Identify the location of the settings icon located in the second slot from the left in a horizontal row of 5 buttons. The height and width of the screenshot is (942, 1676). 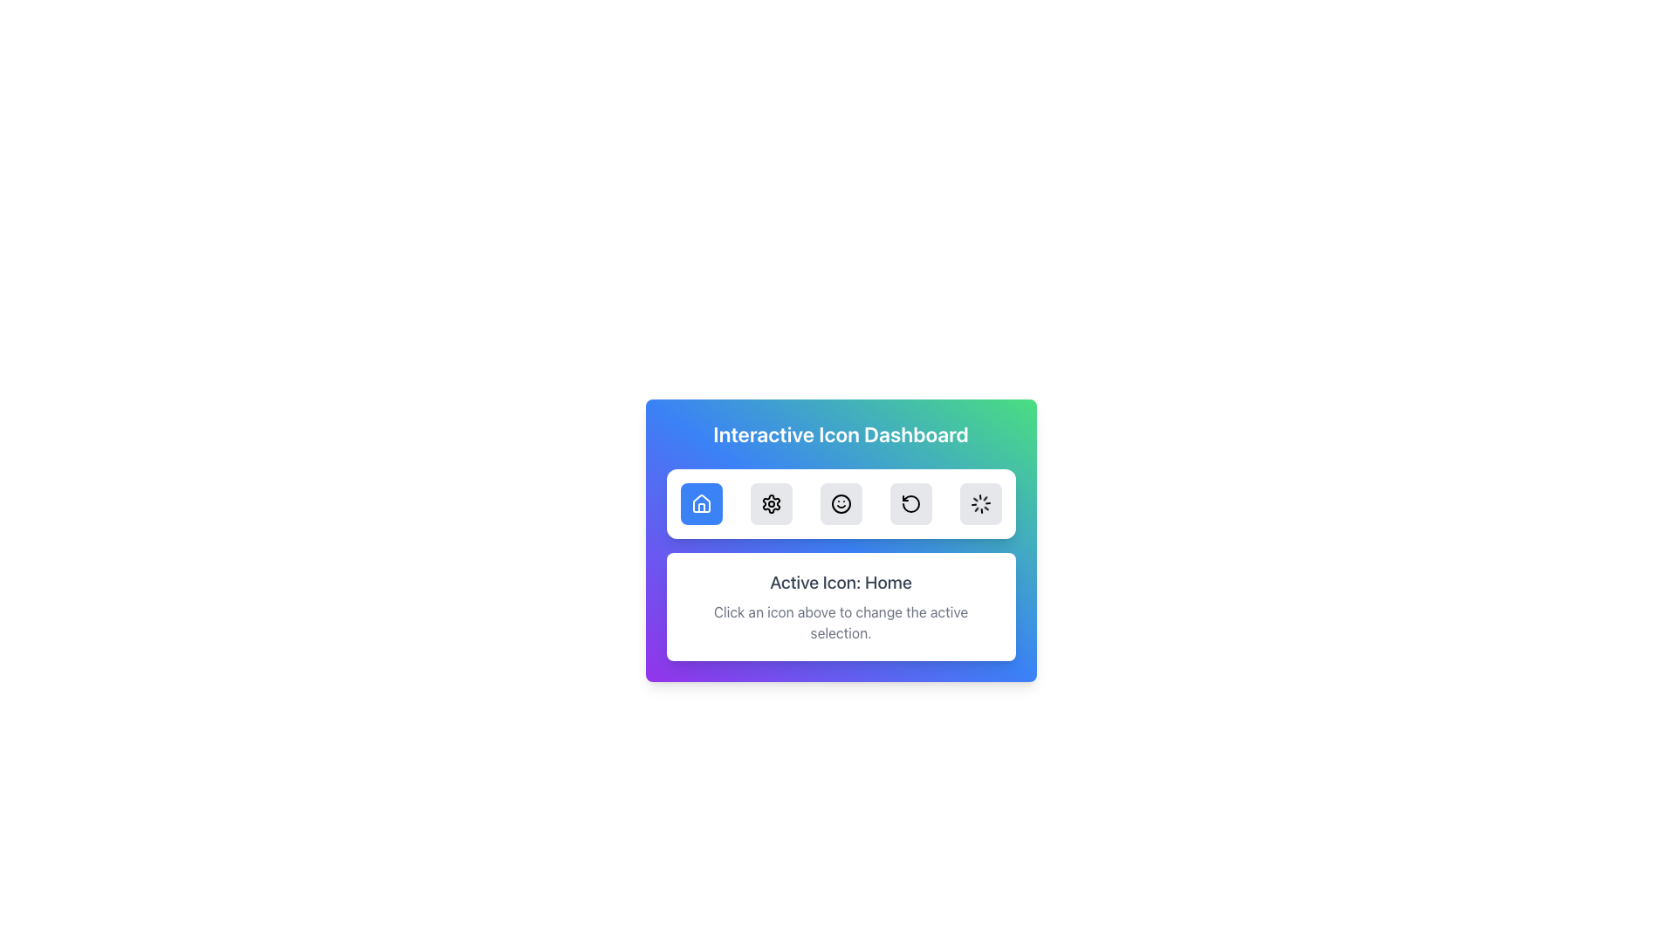
(770, 504).